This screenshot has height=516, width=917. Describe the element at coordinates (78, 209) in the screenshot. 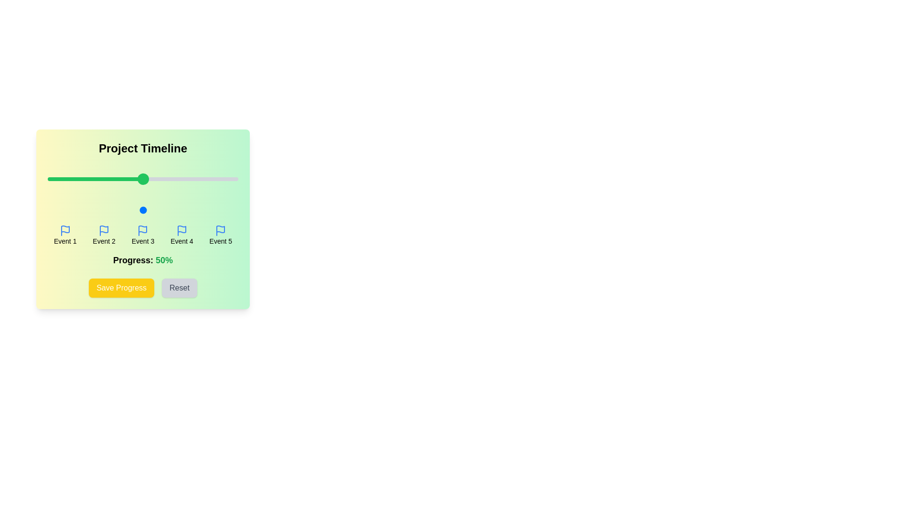

I see `the timeline progress to 16% by adjusting the slider` at that location.